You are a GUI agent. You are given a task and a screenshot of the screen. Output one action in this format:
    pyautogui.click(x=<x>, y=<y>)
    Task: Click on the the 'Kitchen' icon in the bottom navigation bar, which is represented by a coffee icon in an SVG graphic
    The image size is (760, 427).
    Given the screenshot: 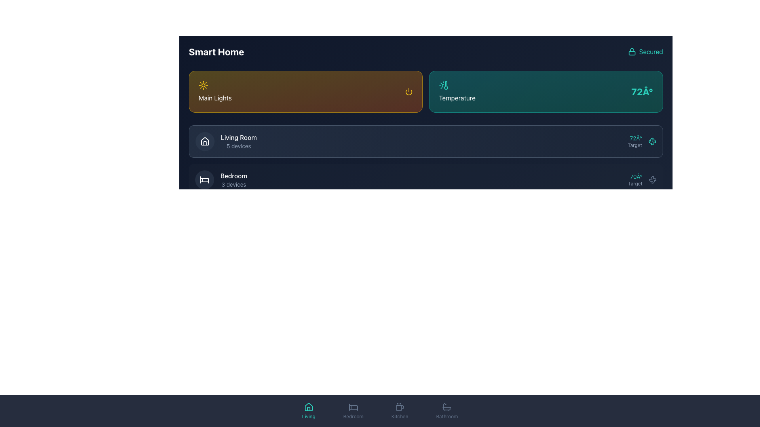 What is the action you would take?
    pyautogui.click(x=400, y=408)
    